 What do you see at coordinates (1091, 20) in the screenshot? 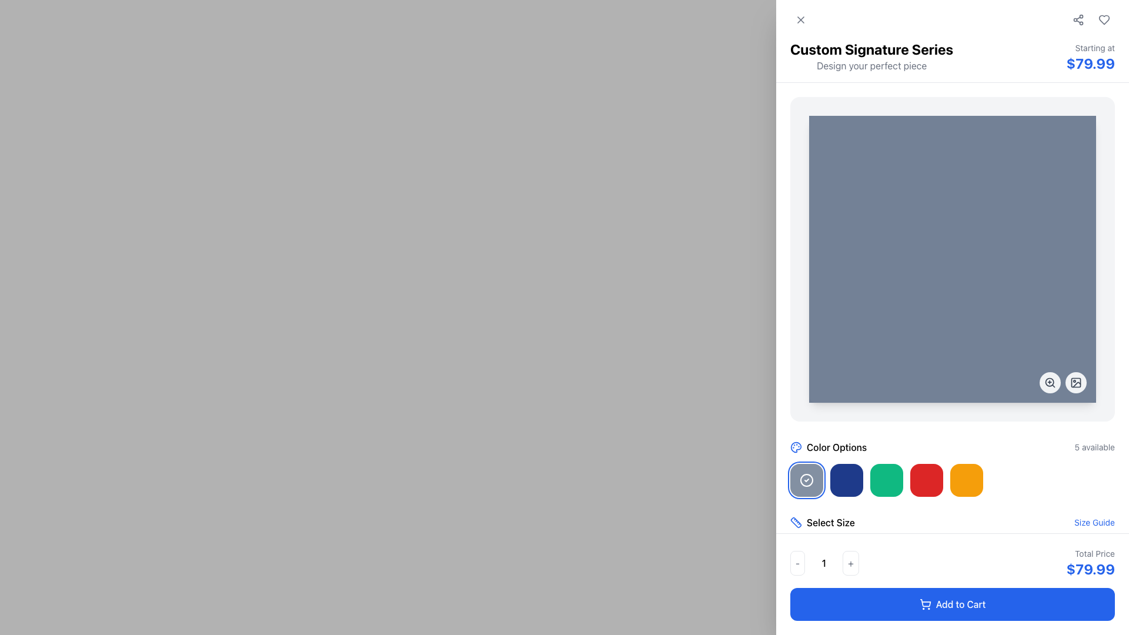
I see `the interactive buttons in the upper-right corner of the interface, specifically the share and heart icons` at bounding box center [1091, 20].